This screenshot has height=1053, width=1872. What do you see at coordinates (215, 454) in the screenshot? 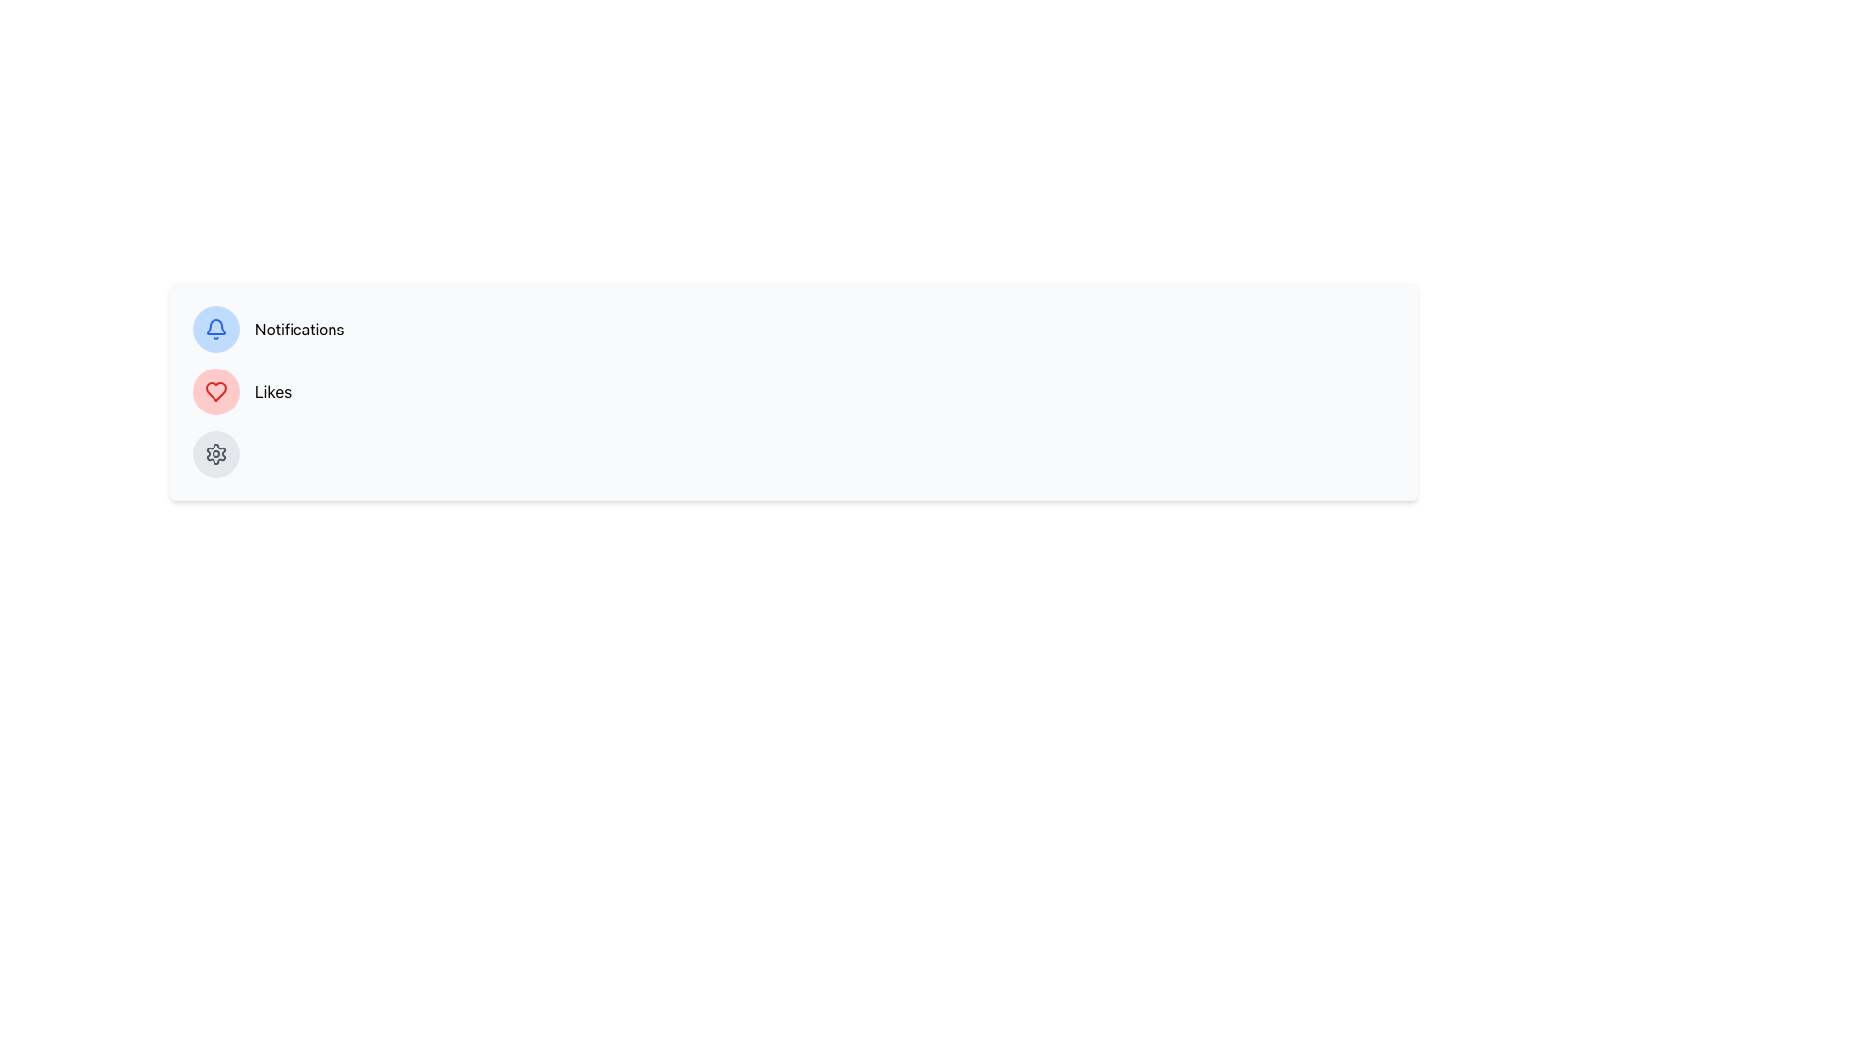
I see `the gear-like icon indicative of settings functionalities, which is positioned at the lower part of a vertical list on the left side of the interface, beneath the 'Likes' and 'Notifications' icons` at bounding box center [215, 454].